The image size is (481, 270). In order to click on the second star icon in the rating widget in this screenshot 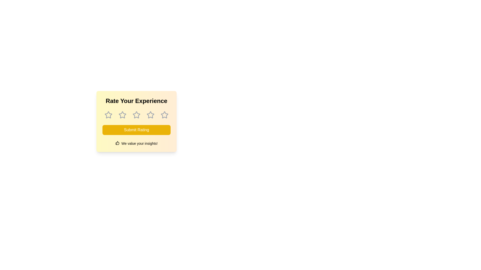, I will do `click(123, 115)`.